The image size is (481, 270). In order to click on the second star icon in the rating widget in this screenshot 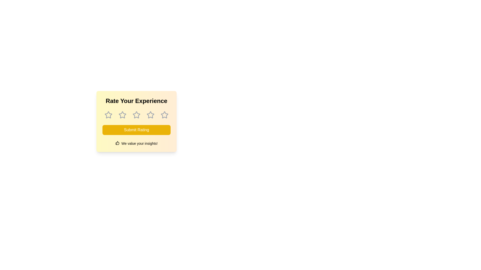, I will do `click(123, 115)`.